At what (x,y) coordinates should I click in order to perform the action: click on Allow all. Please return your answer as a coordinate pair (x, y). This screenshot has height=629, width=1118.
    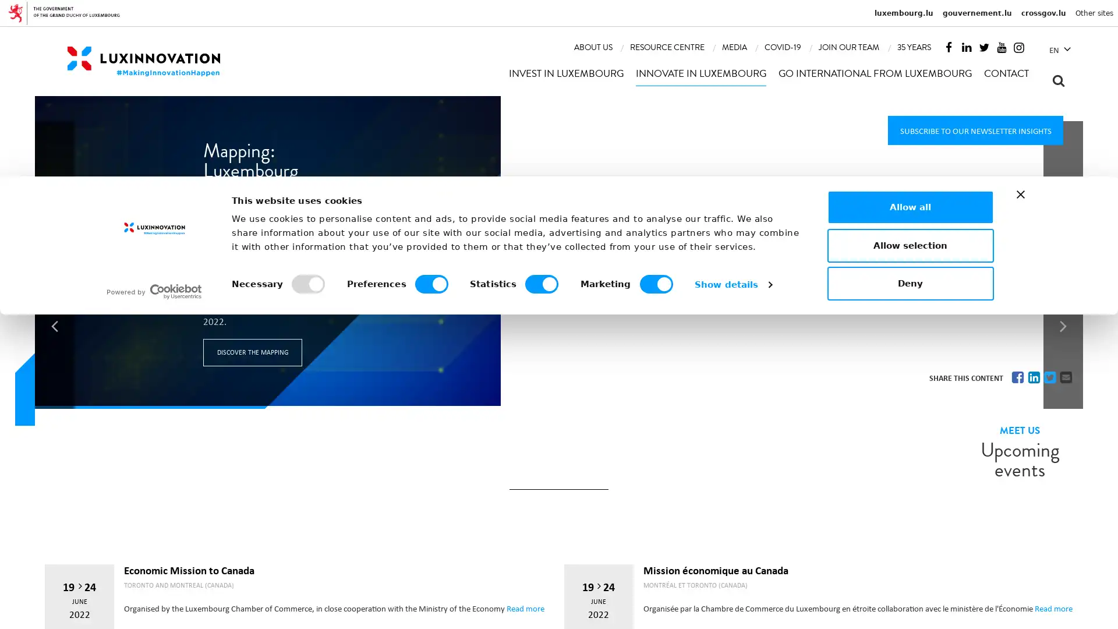
    Looking at the image, I should click on (910, 521).